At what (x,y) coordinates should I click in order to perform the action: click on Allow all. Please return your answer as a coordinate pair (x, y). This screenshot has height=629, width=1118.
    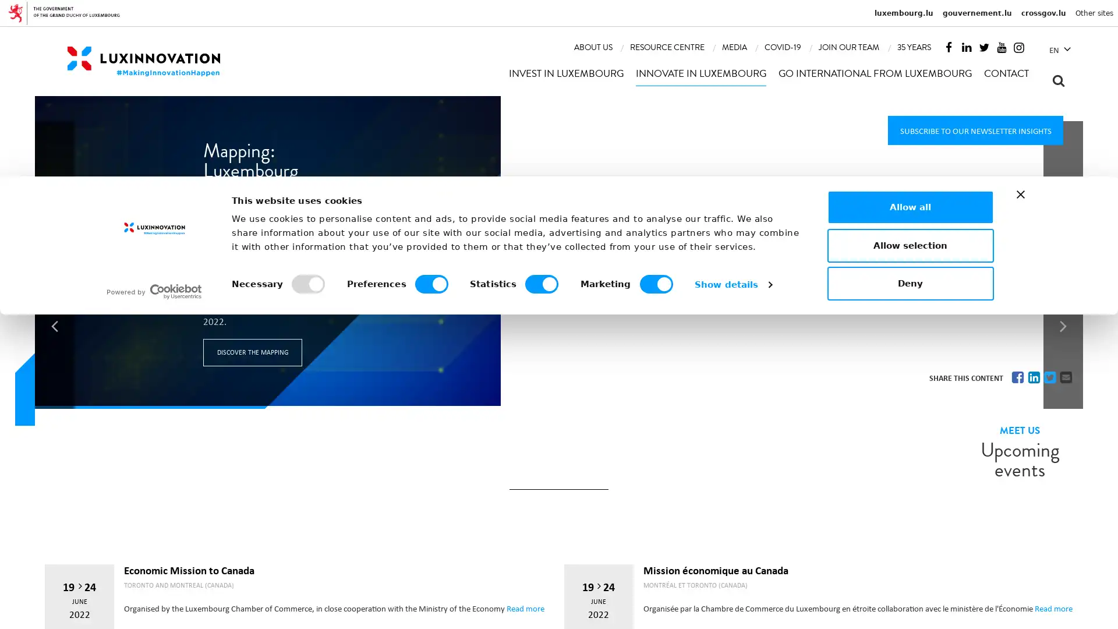
    Looking at the image, I should click on (910, 521).